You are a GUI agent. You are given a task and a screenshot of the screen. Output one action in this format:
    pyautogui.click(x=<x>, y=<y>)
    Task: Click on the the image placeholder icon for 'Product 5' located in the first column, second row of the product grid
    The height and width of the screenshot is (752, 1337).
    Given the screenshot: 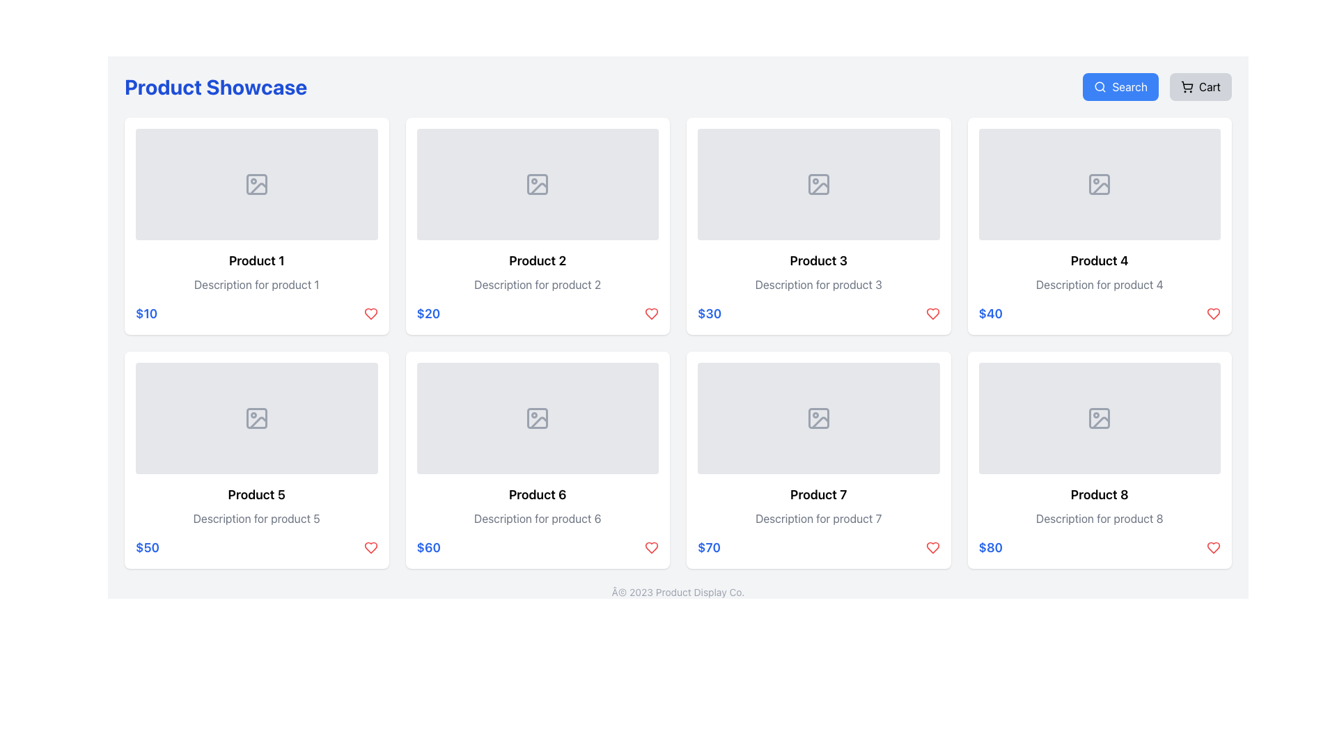 What is the action you would take?
    pyautogui.click(x=256, y=418)
    